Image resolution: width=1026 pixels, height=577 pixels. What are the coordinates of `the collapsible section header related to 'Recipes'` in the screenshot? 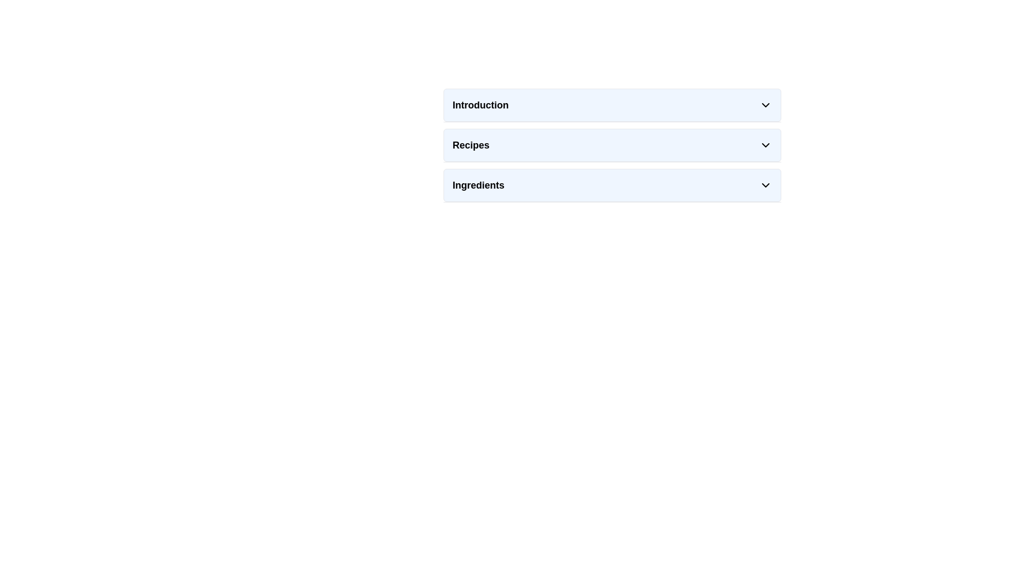 It's located at (612, 145).